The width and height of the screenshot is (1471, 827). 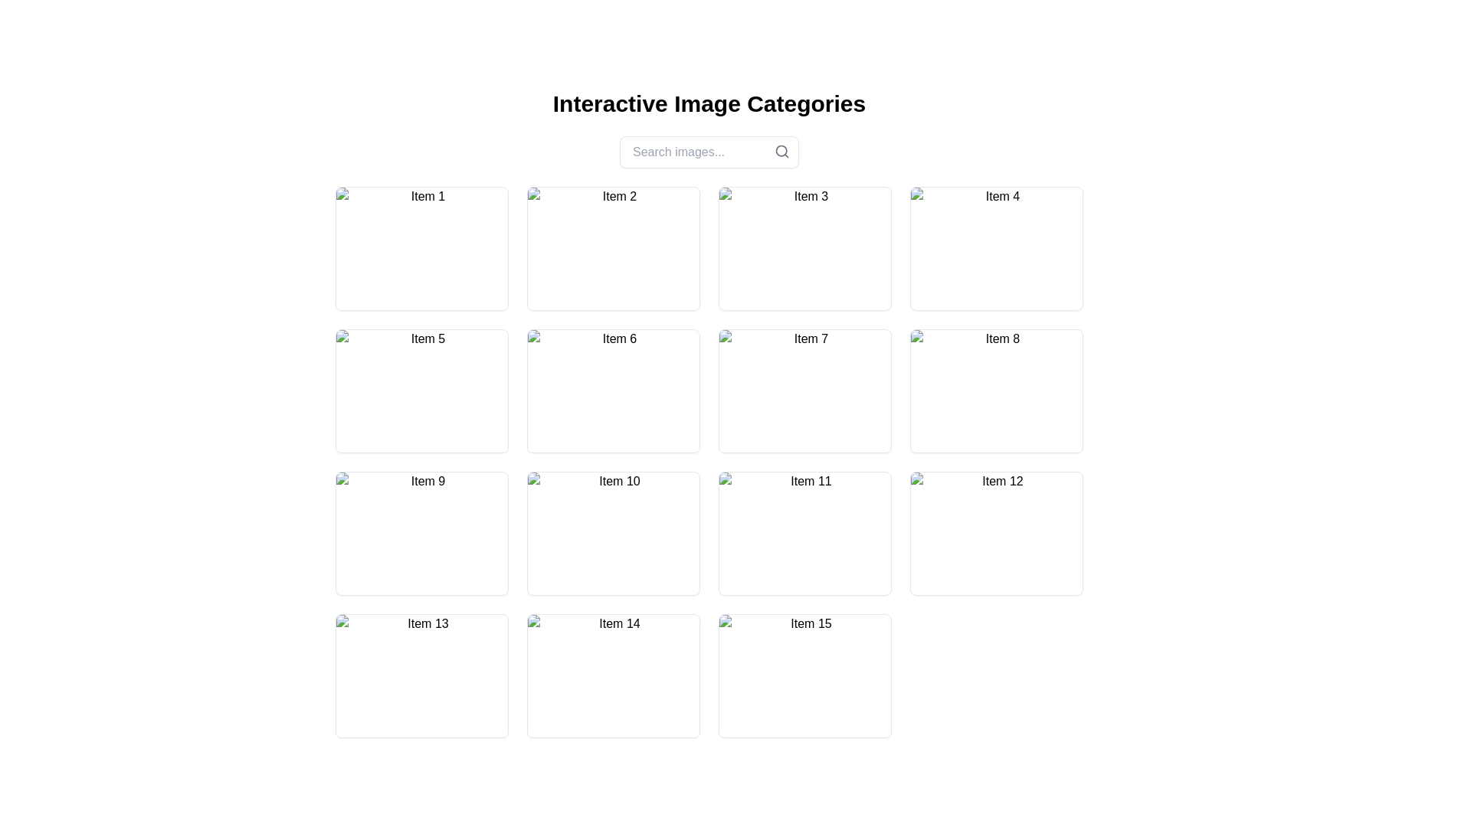 What do you see at coordinates (614, 533) in the screenshot?
I see `the interactive card located in the third row and second column of the grid, which is positioned between 'Item 9' and 'Item 11'` at bounding box center [614, 533].